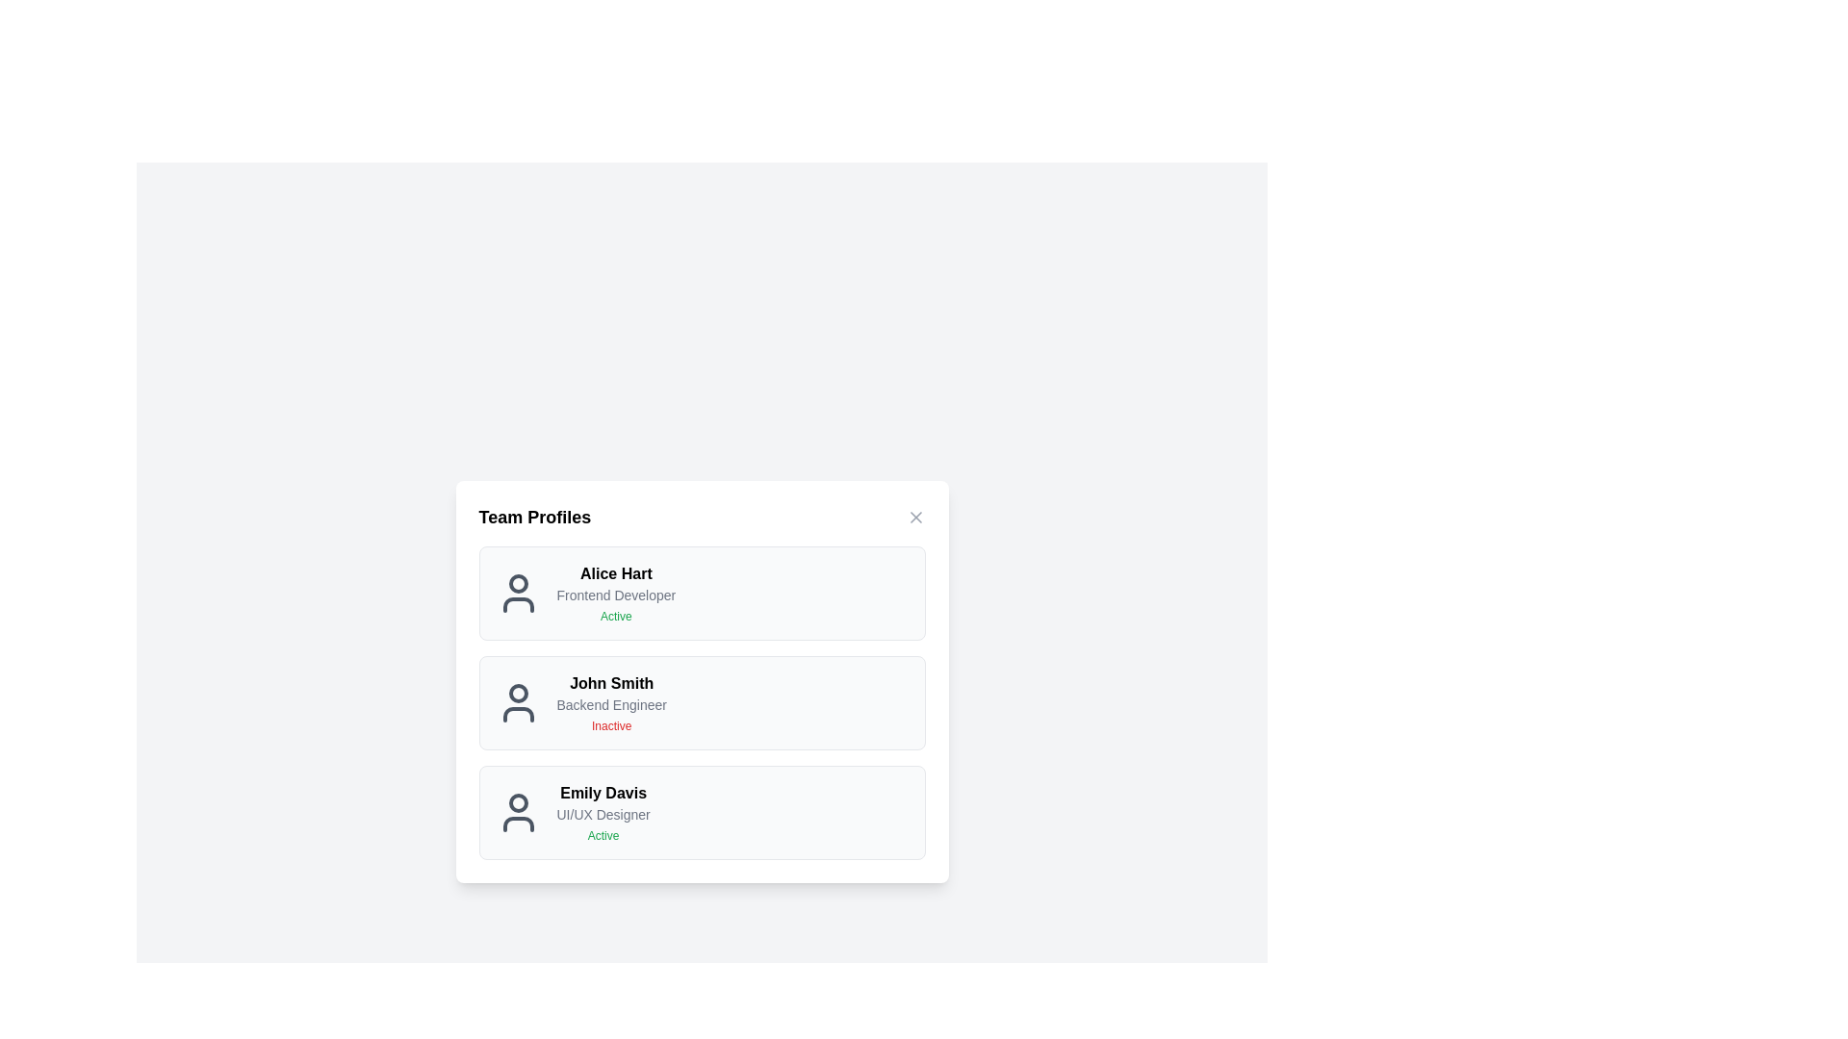  I want to click on the user profile card of John Smith, so click(701, 703).